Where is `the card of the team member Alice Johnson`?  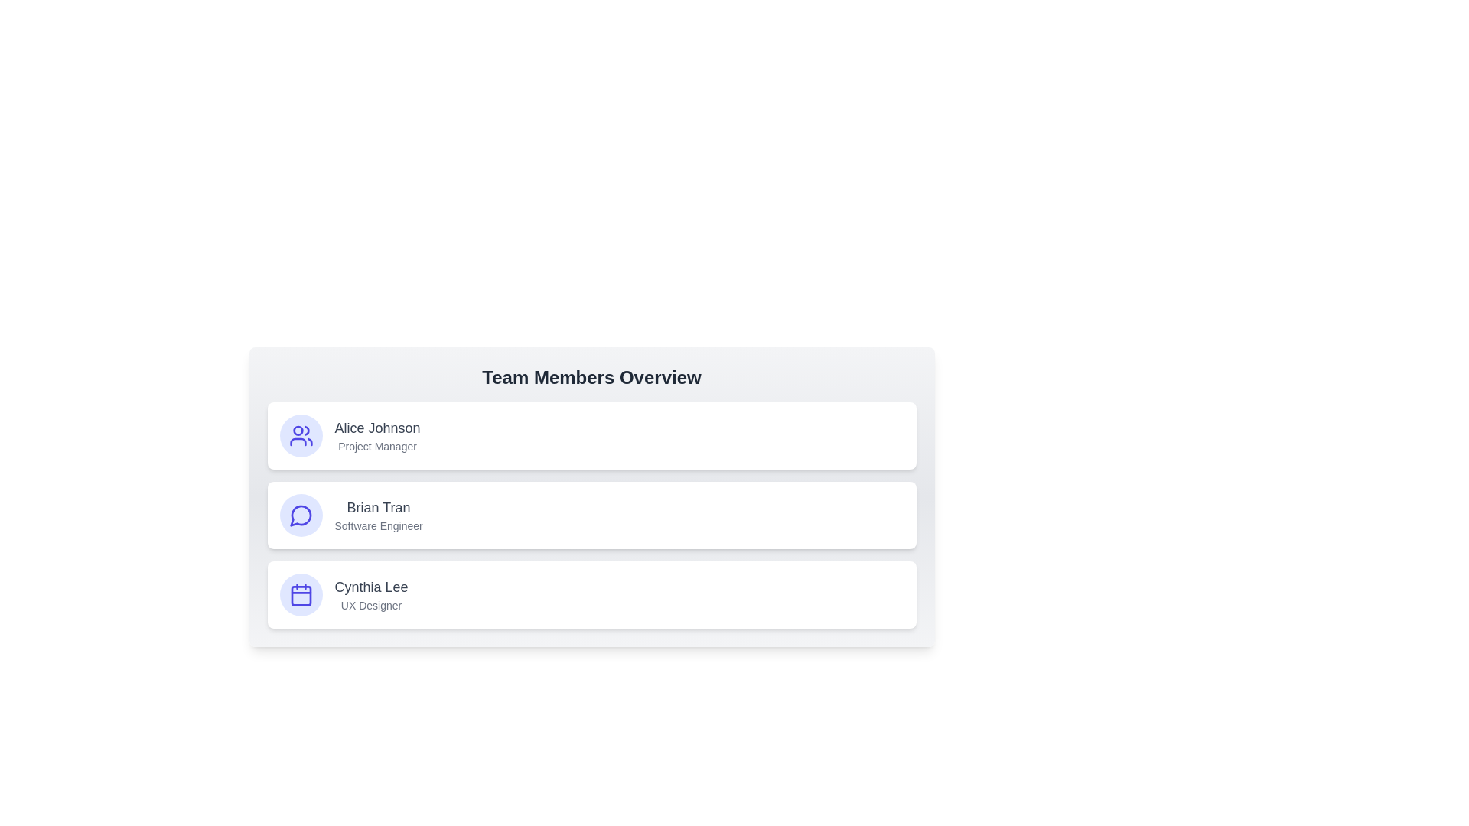 the card of the team member Alice Johnson is located at coordinates (591, 436).